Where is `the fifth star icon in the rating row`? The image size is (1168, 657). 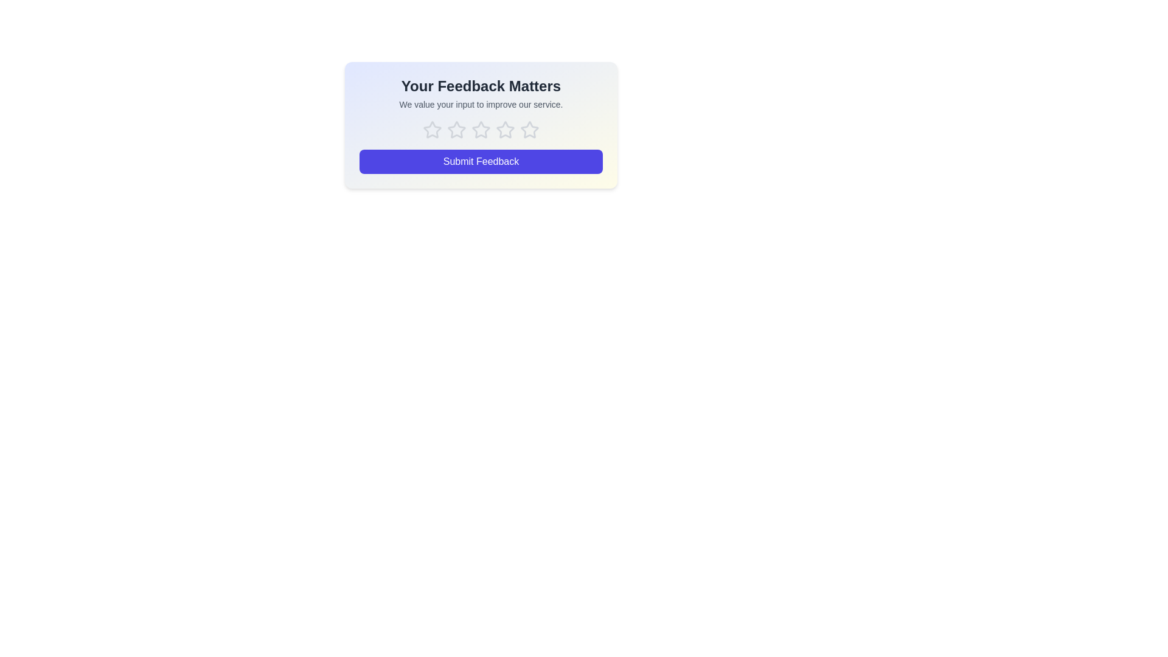
the fifth star icon in the rating row is located at coordinates (529, 130).